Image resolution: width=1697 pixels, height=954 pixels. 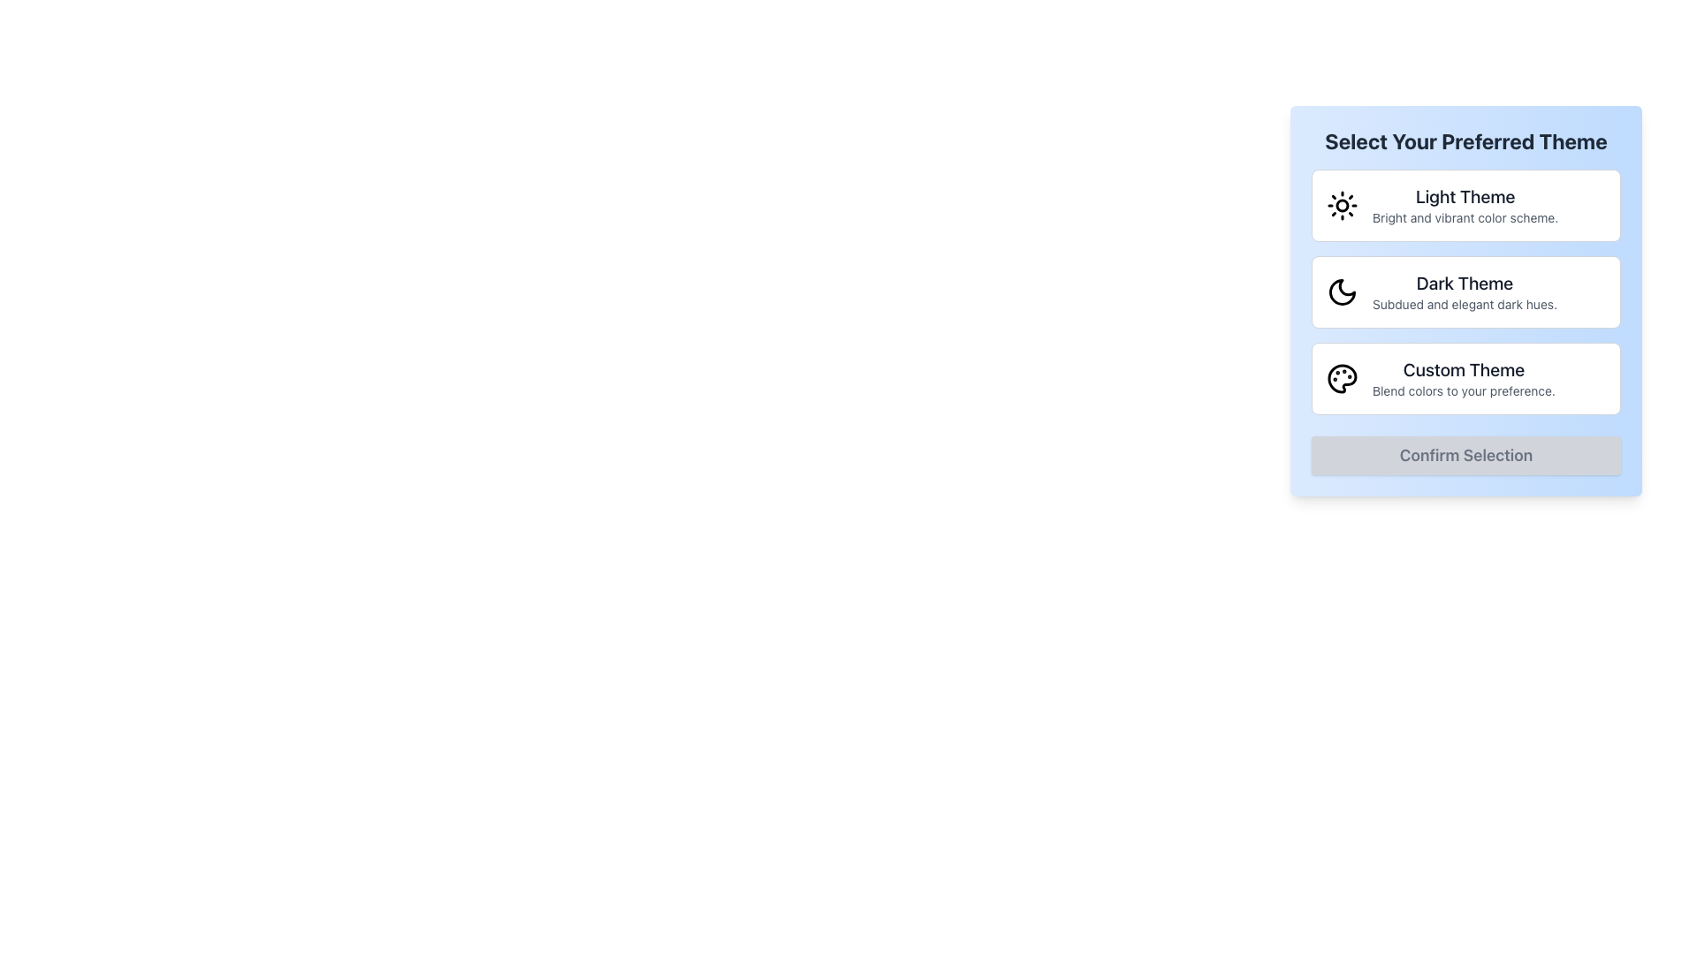 I want to click on the text block containing the title 'Dark Theme' and subtitle 'Subdued and elegant dark hues', so click(x=1465, y=291).